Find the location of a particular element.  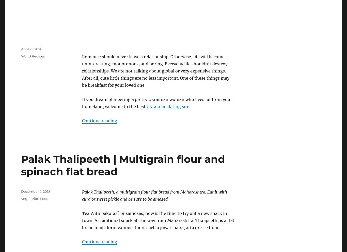

'December 2, 2018' is located at coordinates (35, 191).